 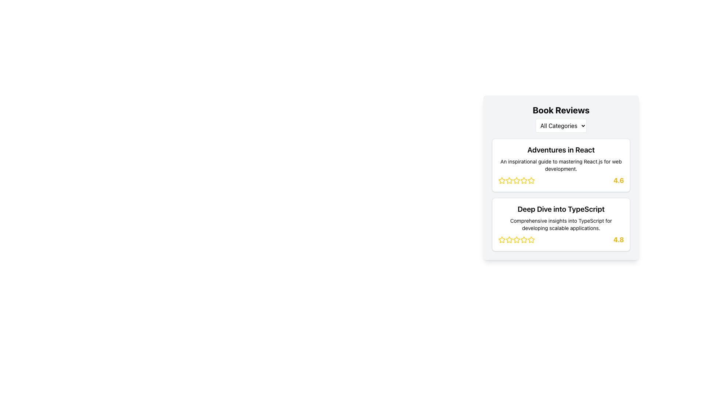 What do you see at coordinates (561, 149) in the screenshot?
I see `the Header Text which serves as the title for the book in the first book information card under the 'Book Reviews' section` at bounding box center [561, 149].